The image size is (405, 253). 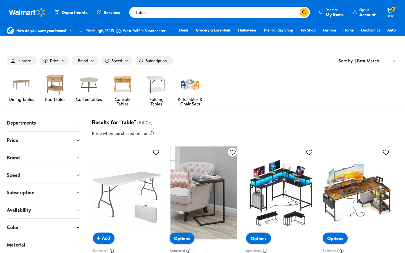 What do you see at coordinates (151, 133) in the screenshot?
I see `the information pop-up for price details` at bounding box center [151, 133].